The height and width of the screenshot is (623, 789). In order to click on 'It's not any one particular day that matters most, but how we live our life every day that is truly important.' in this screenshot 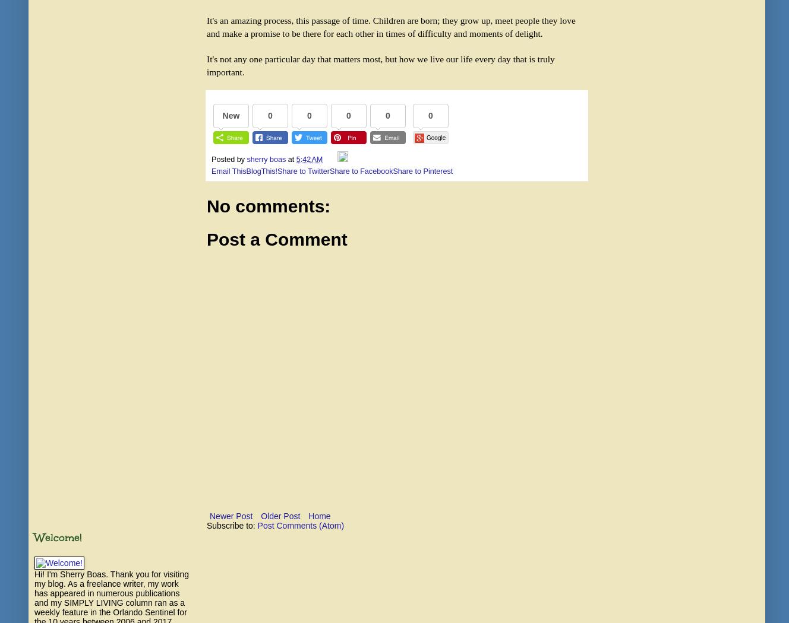, I will do `click(206, 65)`.